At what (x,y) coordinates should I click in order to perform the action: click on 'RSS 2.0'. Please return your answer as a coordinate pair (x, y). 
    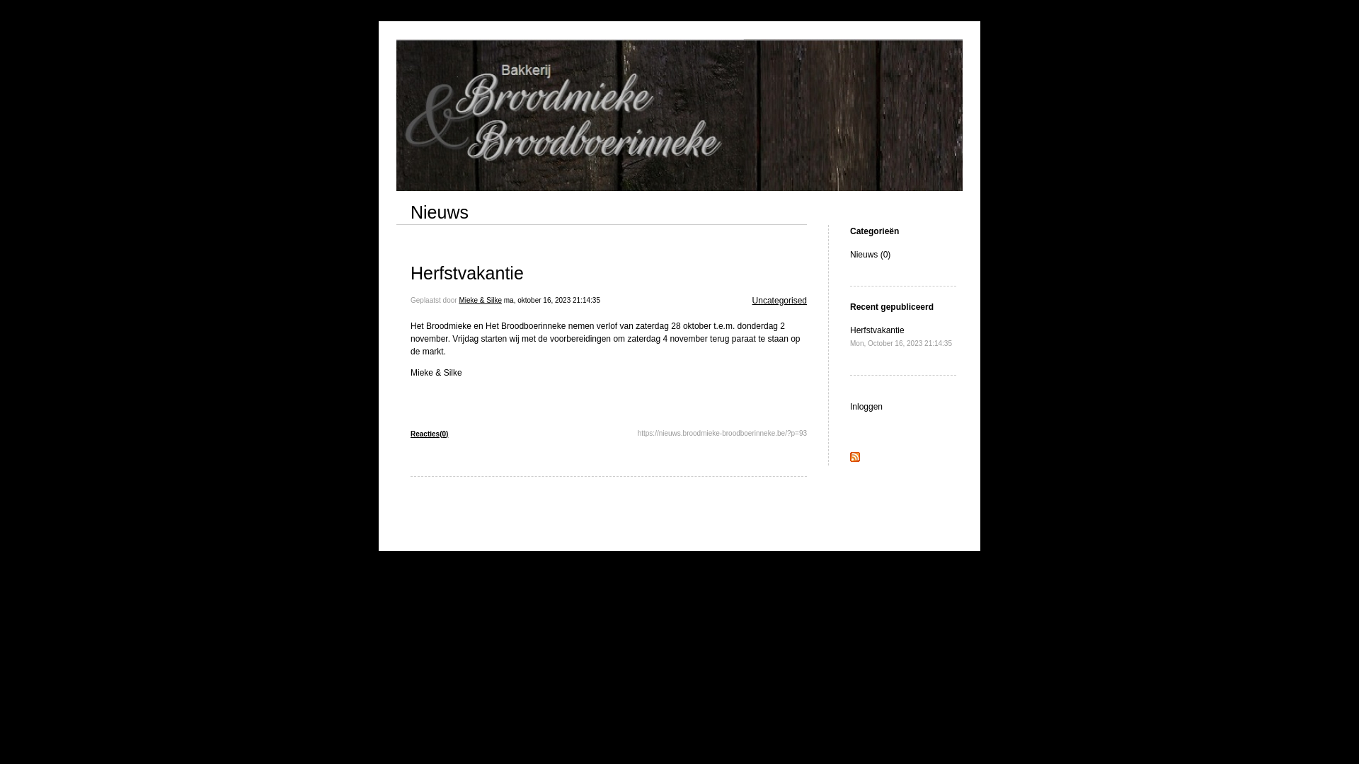
    Looking at the image, I should click on (854, 458).